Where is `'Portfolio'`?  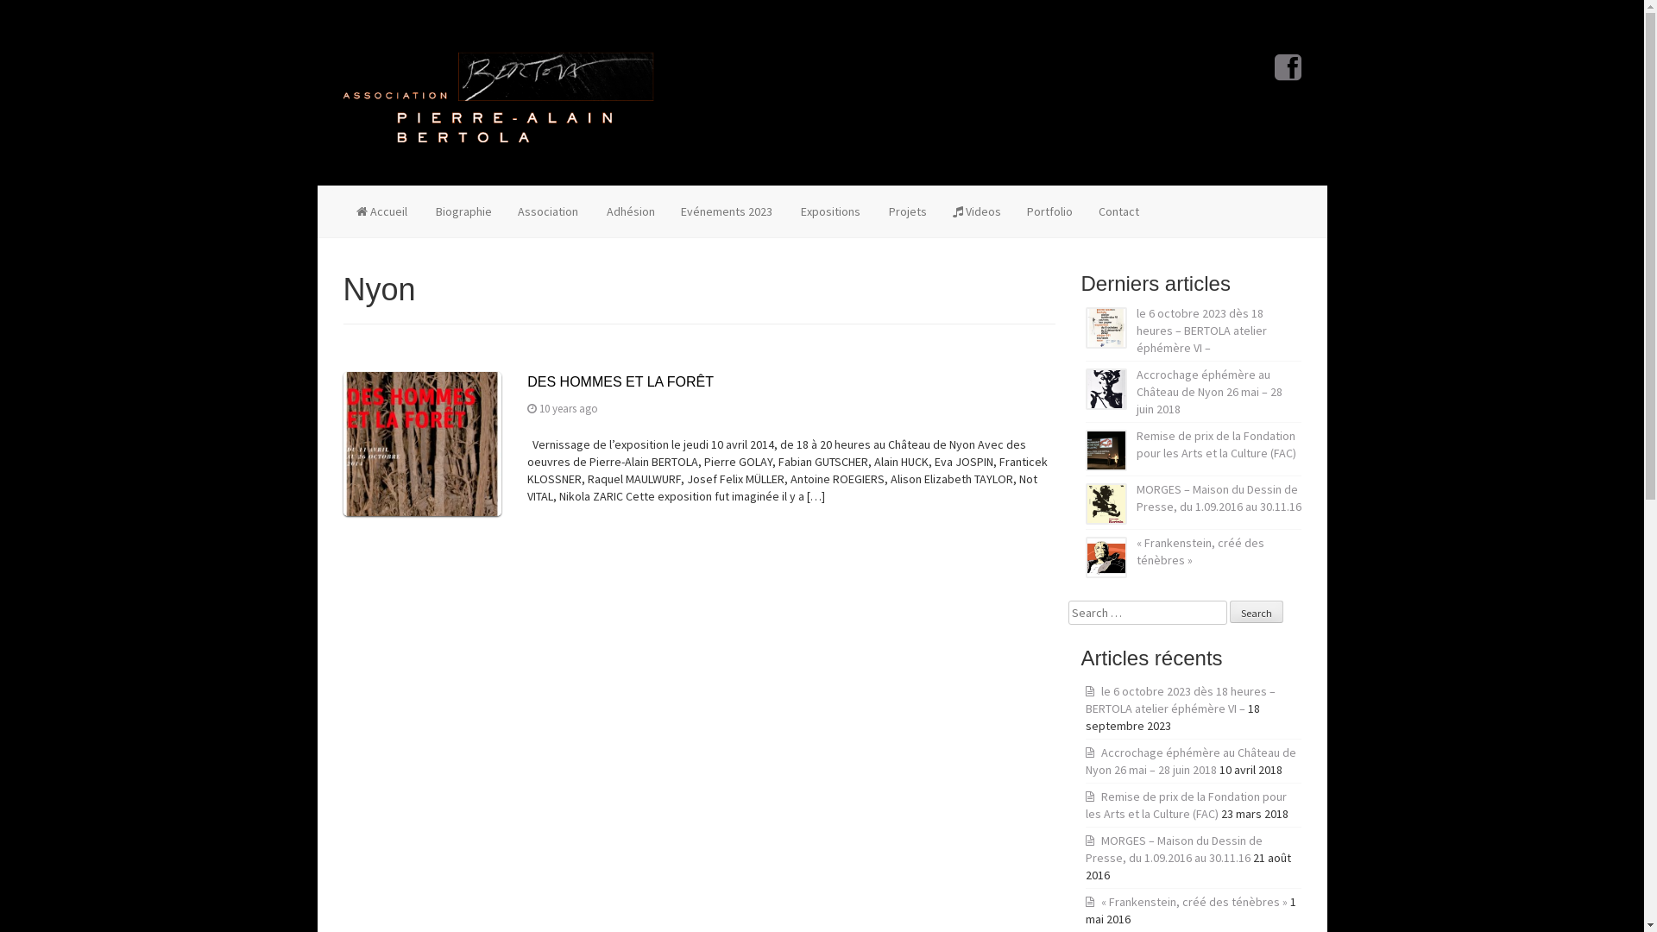 'Portfolio' is located at coordinates (1048, 211).